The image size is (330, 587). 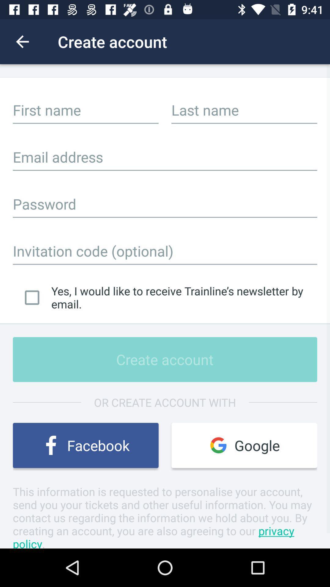 I want to click on the item below the facebook icon, so click(x=165, y=516).